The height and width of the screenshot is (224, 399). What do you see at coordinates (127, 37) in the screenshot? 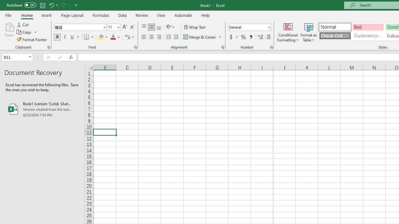
I see `'Show Phonetic Field'` at bounding box center [127, 37].